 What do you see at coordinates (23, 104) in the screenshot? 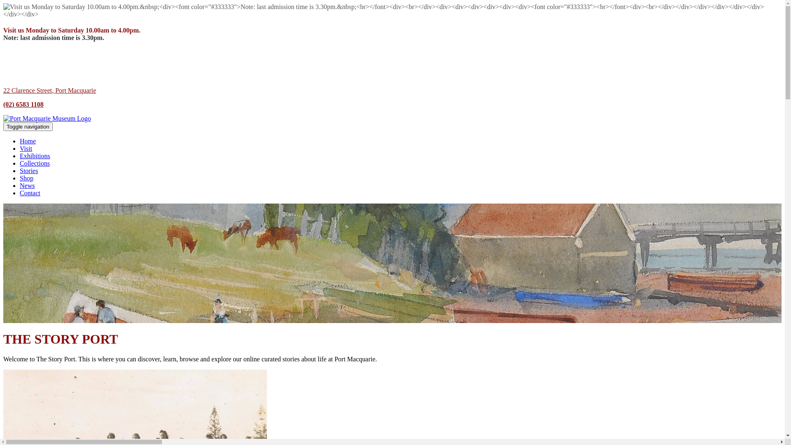
I see `'(02) 6583 1108'` at bounding box center [23, 104].